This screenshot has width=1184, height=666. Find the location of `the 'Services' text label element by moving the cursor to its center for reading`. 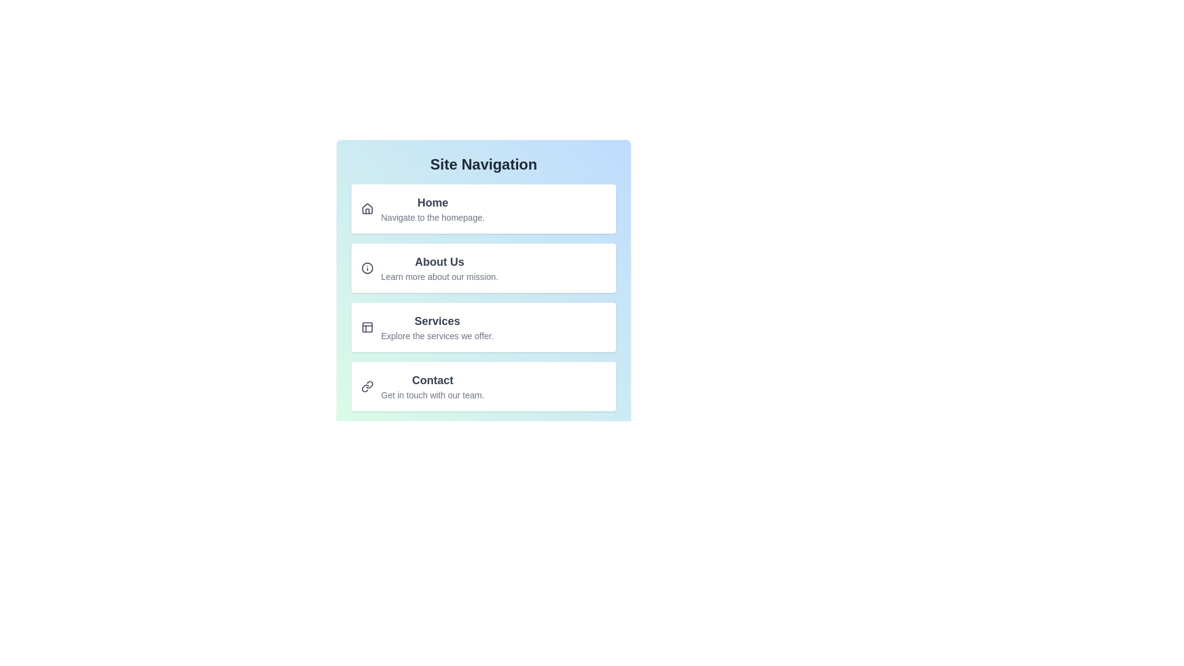

the 'Services' text label element by moving the cursor to its center for reading is located at coordinates (437, 320).